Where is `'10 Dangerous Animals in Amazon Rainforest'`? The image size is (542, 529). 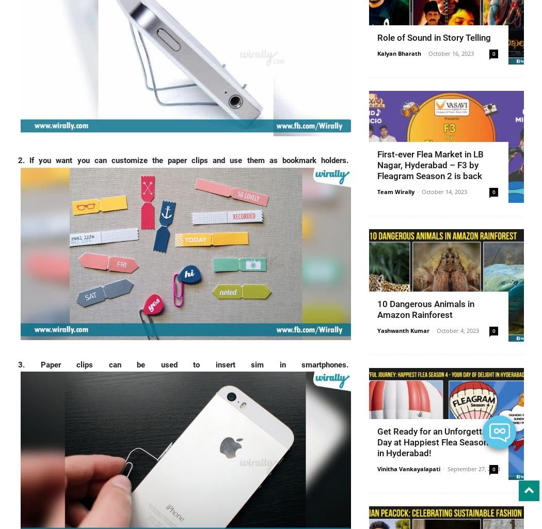
'10 Dangerous Animals in Amazon Rainforest' is located at coordinates (377, 309).